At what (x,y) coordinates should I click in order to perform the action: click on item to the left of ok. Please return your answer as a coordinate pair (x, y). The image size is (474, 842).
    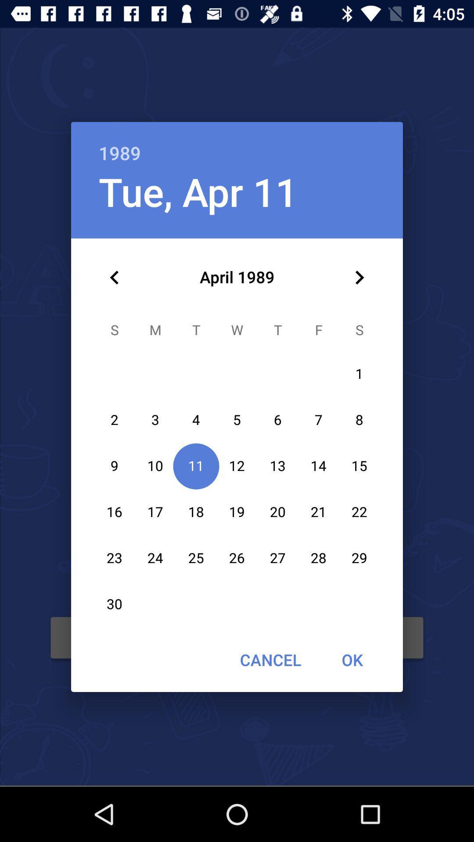
    Looking at the image, I should click on (270, 660).